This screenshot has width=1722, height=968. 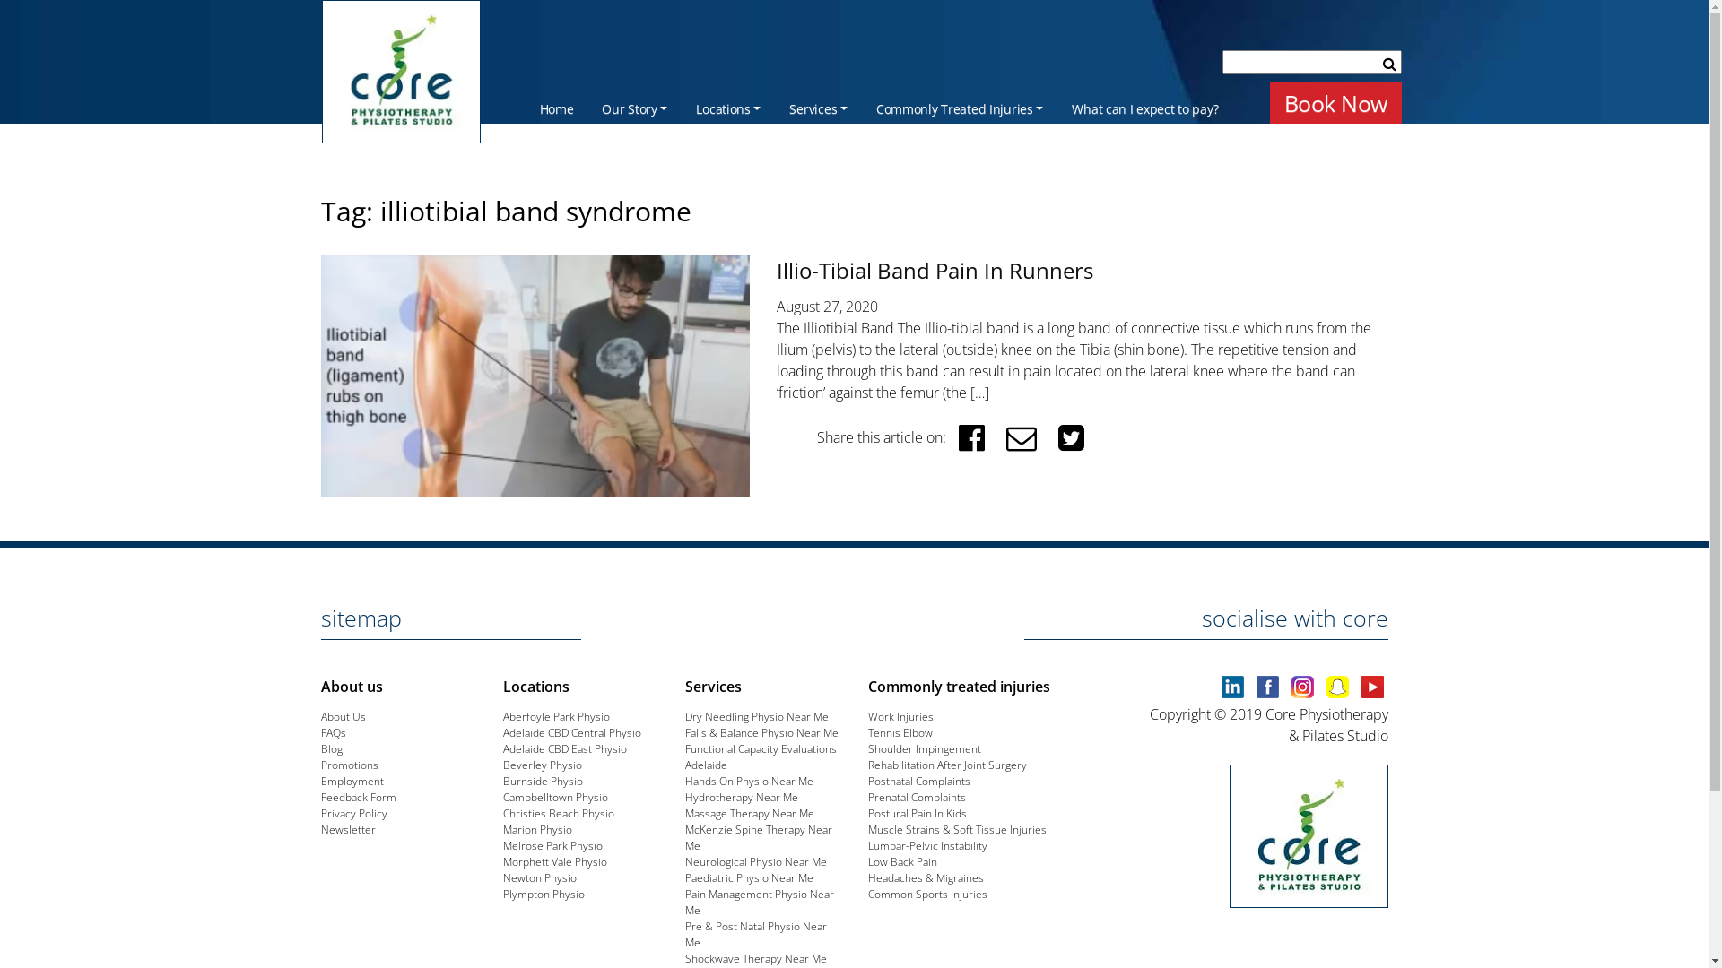 What do you see at coordinates (927, 894) in the screenshot?
I see `'Common Sports Injuries'` at bounding box center [927, 894].